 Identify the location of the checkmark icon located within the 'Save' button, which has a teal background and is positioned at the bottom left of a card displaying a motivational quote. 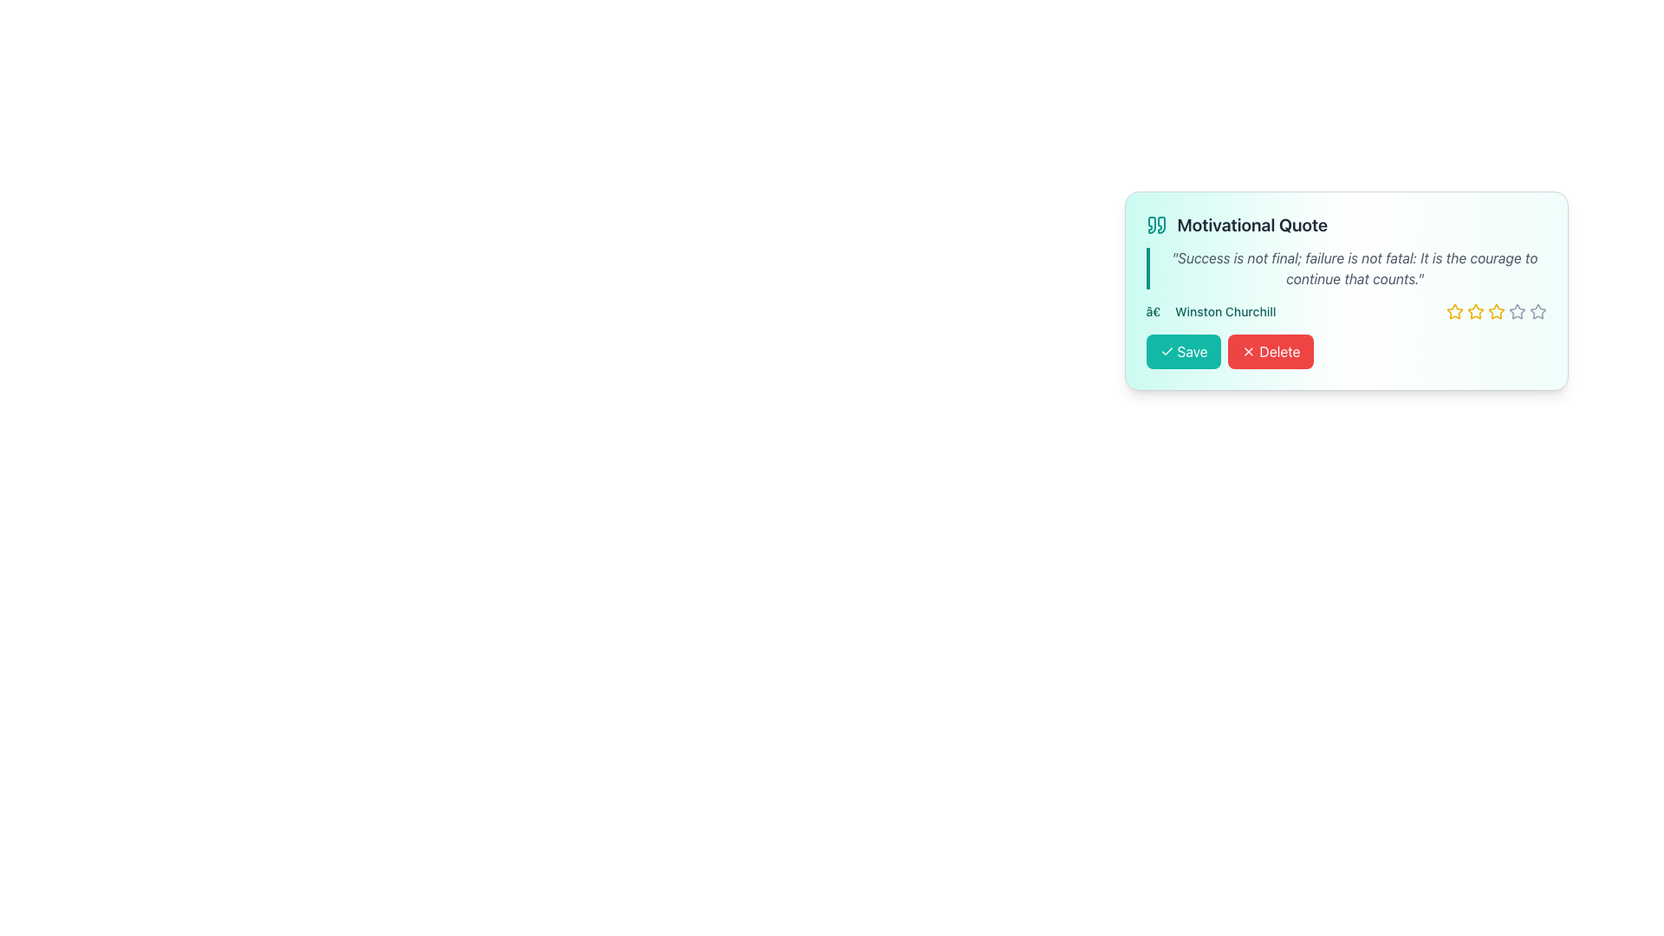
(1167, 351).